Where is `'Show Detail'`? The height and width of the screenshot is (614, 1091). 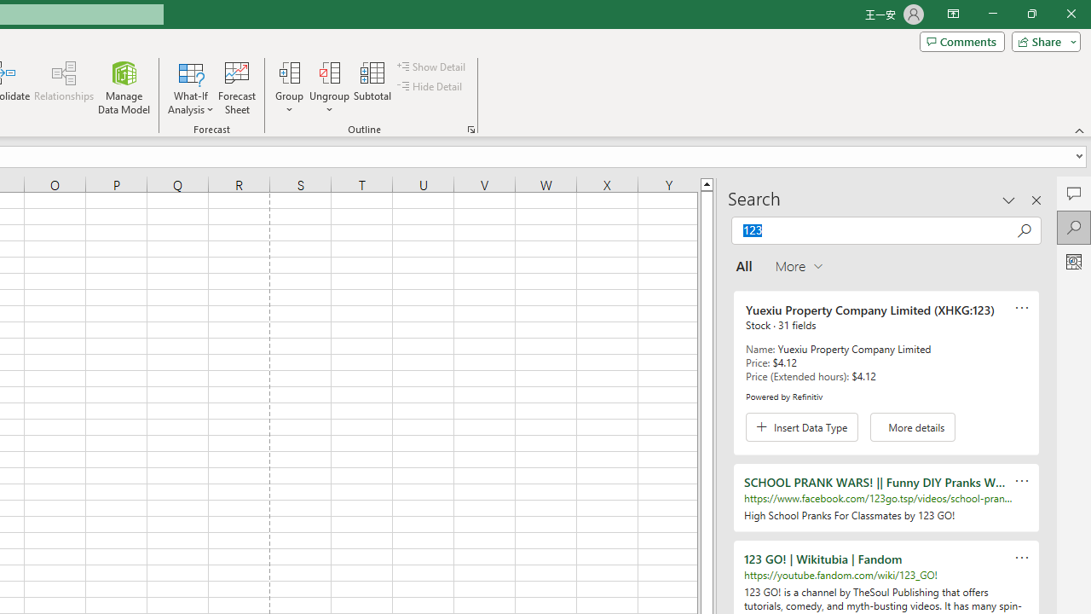
'Show Detail' is located at coordinates (432, 66).